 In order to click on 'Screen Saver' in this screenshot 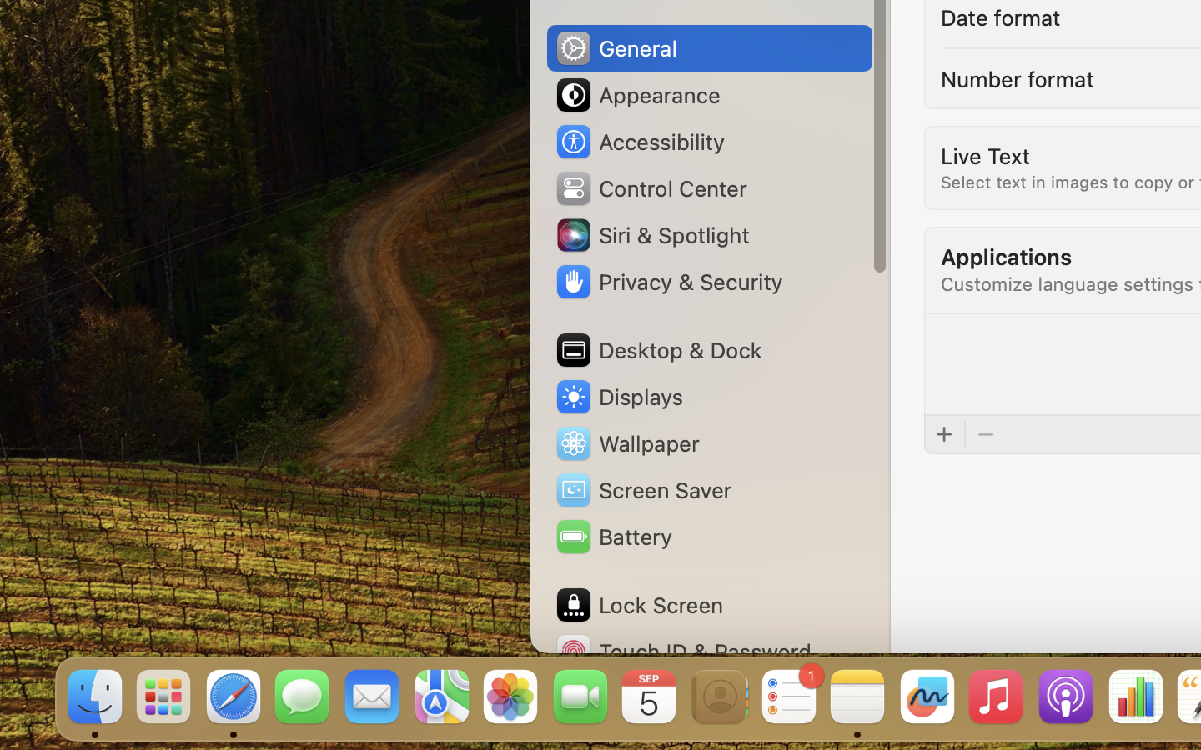, I will do `click(641, 489)`.